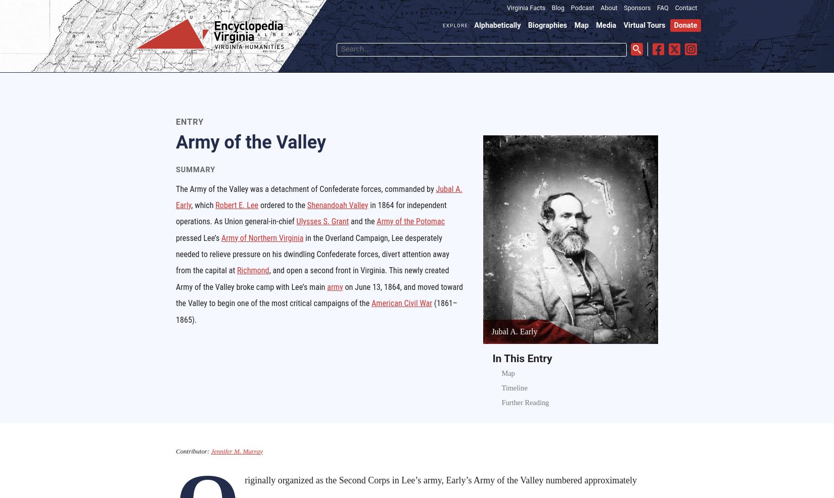 Image resolution: width=834 pixels, height=498 pixels. What do you see at coordinates (210, 450) in the screenshot?
I see `'Jennifer M. Murray'` at bounding box center [210, 450].